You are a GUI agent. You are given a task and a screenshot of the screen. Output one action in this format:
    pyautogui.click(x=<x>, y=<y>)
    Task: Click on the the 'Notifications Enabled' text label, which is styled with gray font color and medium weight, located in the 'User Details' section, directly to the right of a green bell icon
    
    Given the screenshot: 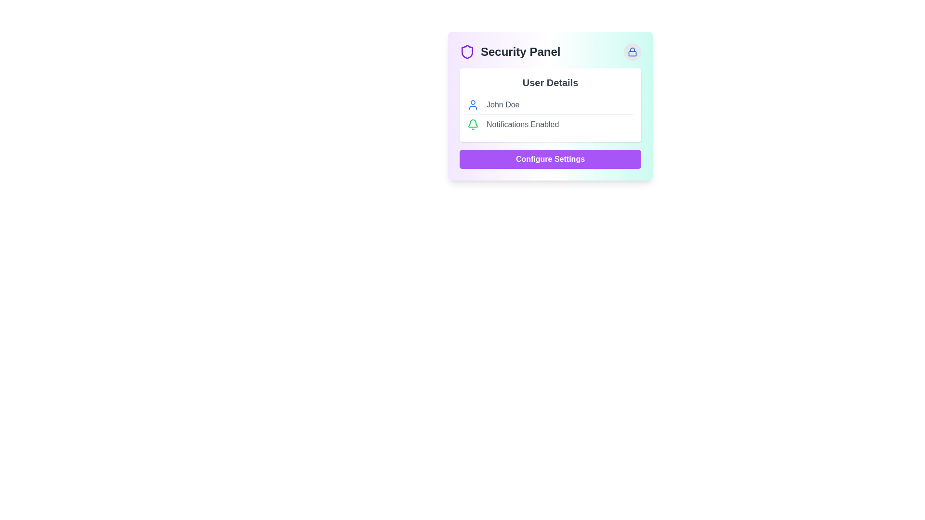 What is the action you would take?
    pyautogui.click(x=522, y=124)
    